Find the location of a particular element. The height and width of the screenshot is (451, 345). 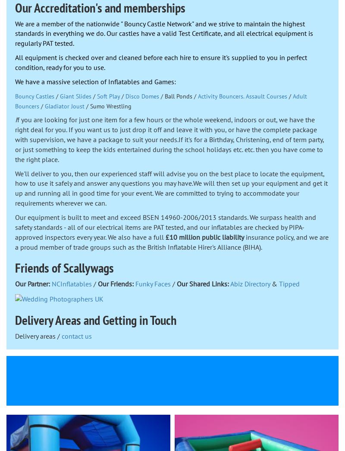

'Delivery Areas and Getting in Touch' is located at coordinates (14, 319).